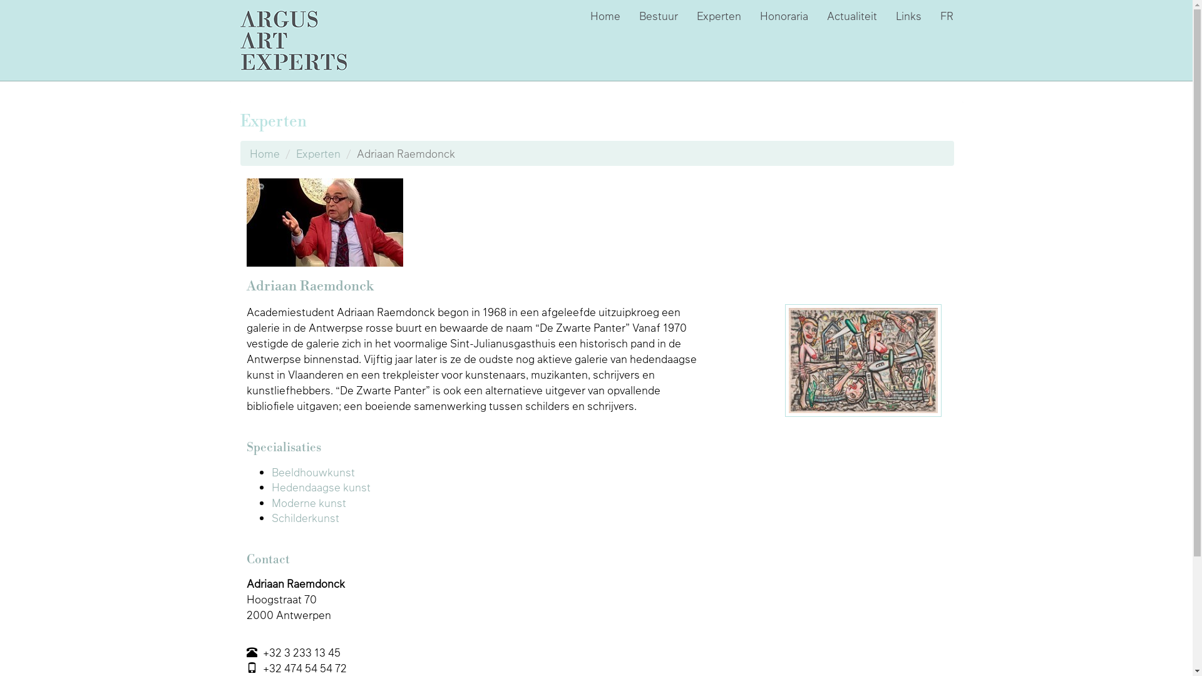 This screenshot has width=1202, height=676. I want to click on 'Schilderkunst', so click(270, 517).